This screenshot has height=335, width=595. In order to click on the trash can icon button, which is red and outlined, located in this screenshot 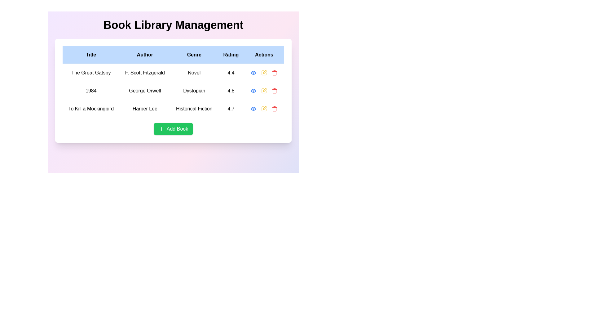, I will do `click(274, 73)`.